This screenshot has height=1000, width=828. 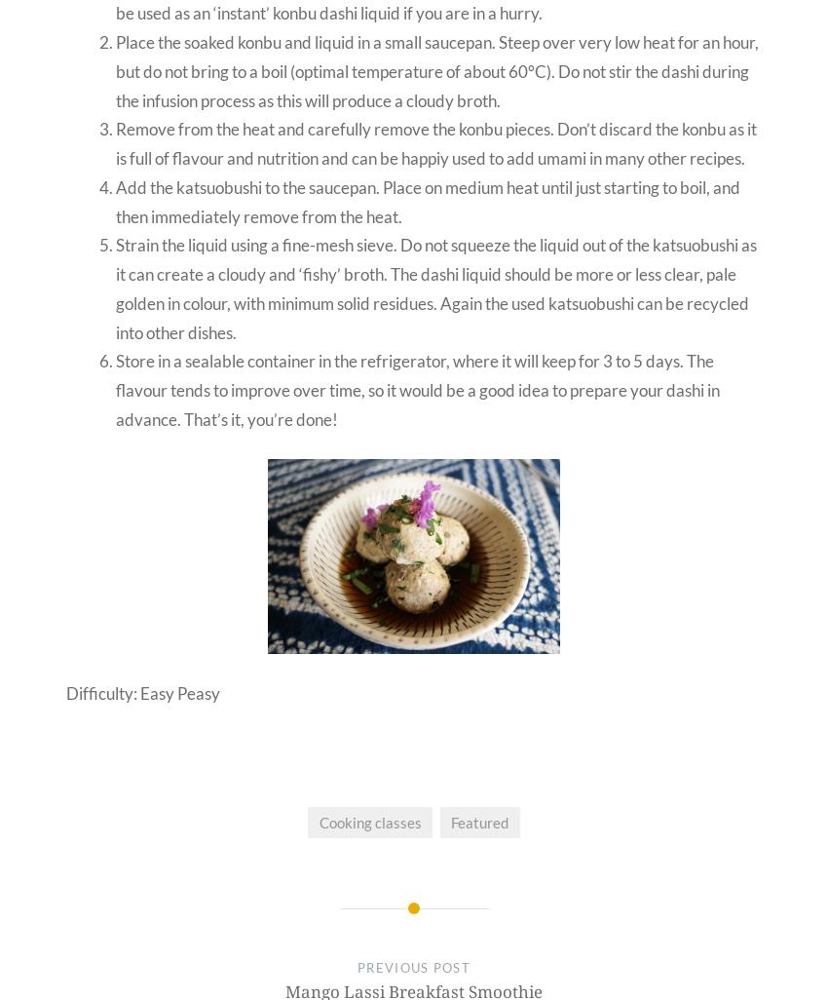 I want to click on 'Add the katsuobushi to the saucepan. Place on medium heat until just starting to boil, and then immediately remove from the heat.', so click(x=427, y=201).